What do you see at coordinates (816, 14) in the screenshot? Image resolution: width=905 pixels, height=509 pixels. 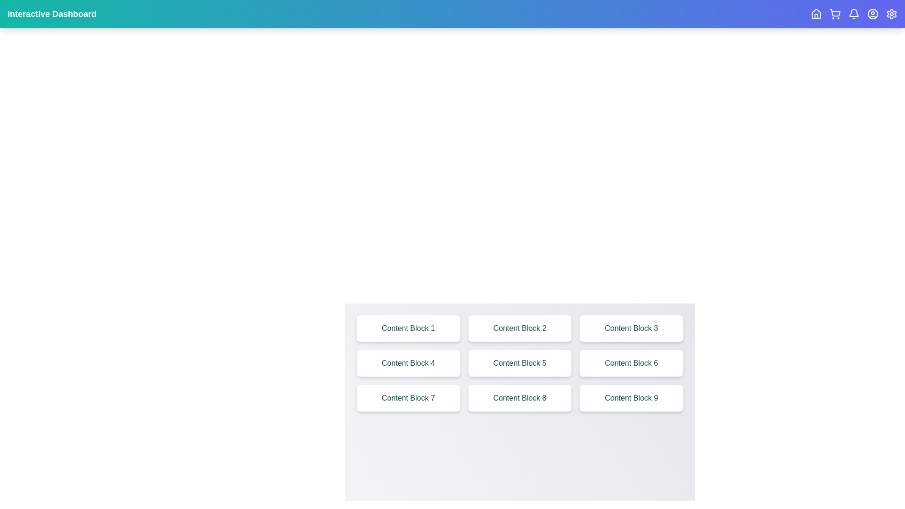 I see `the interactive icon corresponding to Home` at bounding box center [816, 14].